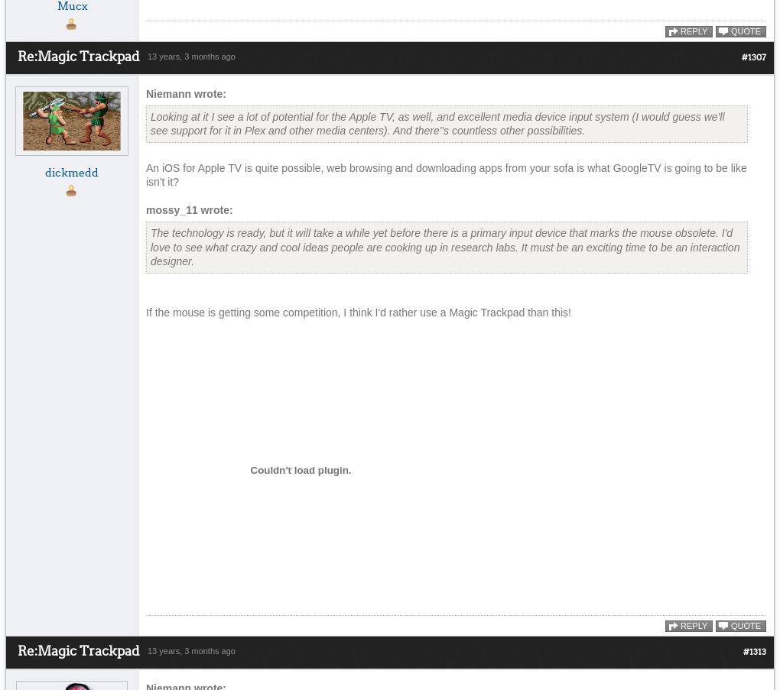 This screenshot has height=690, width=780. What do you see at coordinates (742, 652) in the screenshot?
I see `'#1313'` at bounding box center [742, 652].